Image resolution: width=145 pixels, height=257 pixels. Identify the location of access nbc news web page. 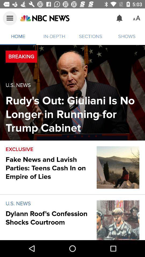
(44, 18).